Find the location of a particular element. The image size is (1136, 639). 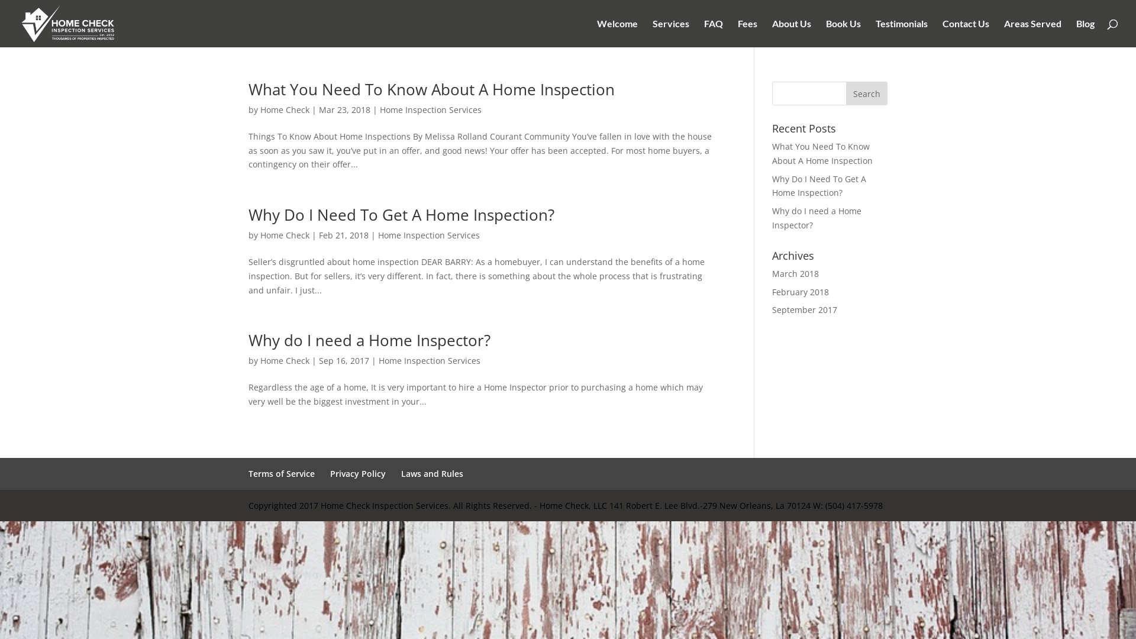

'About Us' is located at coordinates (792, 33).